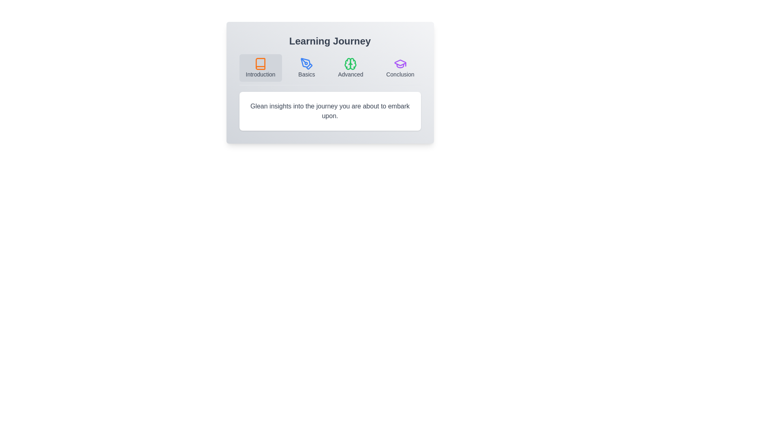 The height and width of the screenshot is (437, 778). I want to click on the Conclusion button to highlight it, so click(400, 68).